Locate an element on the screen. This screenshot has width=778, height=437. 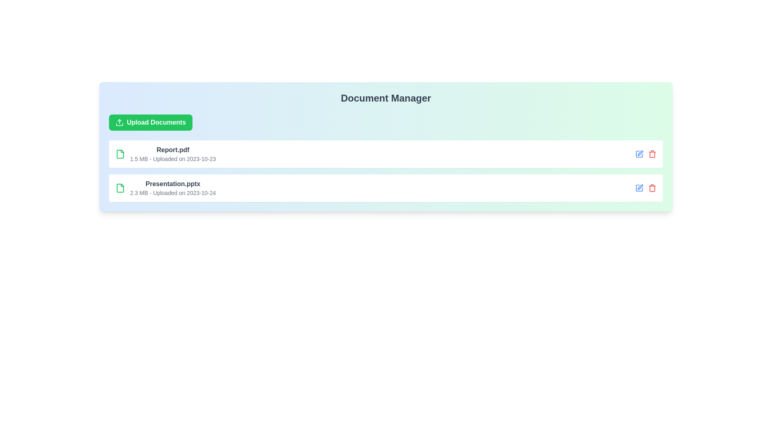
the green document outline icon located at the left edge of the 'Presentation.pptx' row in the document manager interface is located at coordinates (120, 188).